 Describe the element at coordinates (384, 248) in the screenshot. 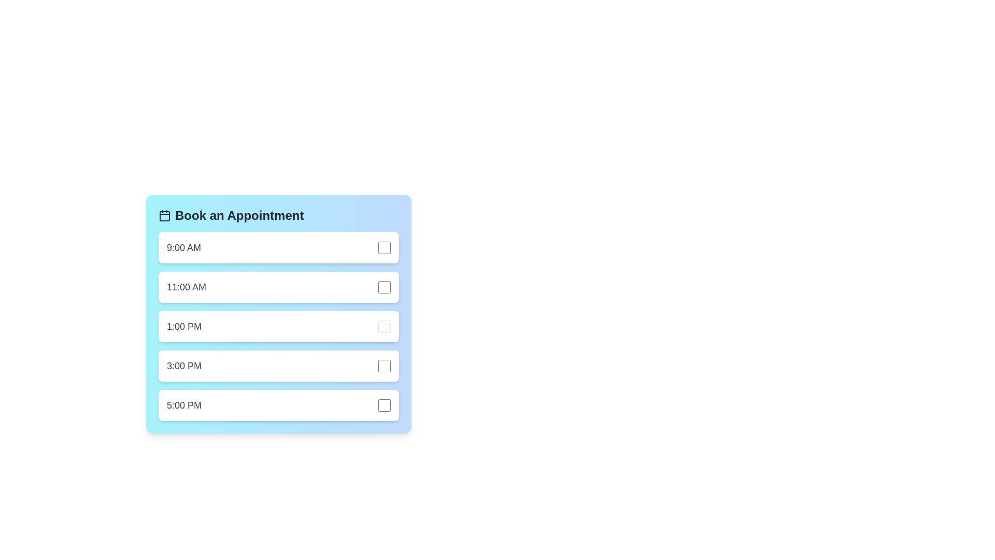

I see `the checkbox corresponding to the 9:00 AM time slot` at that location.